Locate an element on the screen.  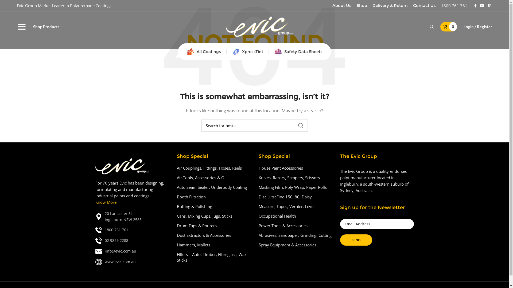
'Safety Data Sheets' is located at coordinates (298, 51).